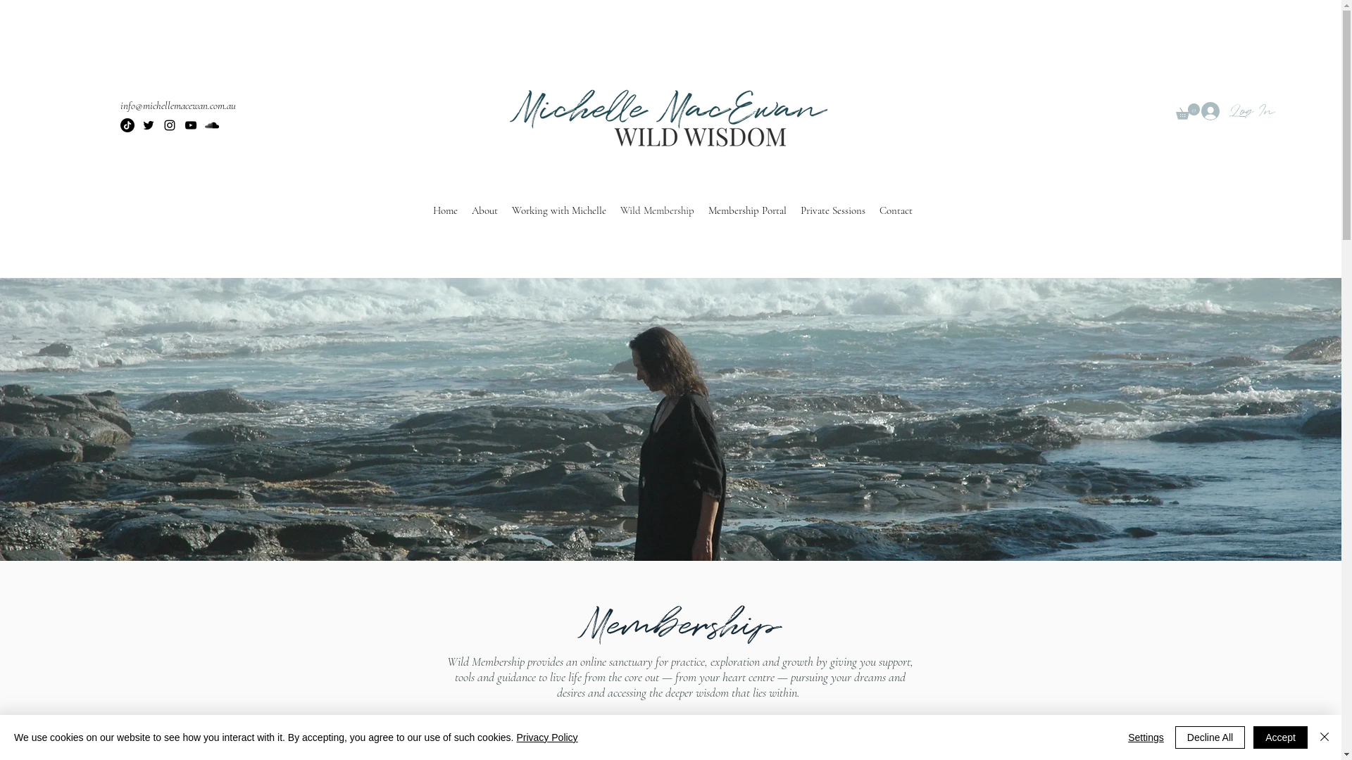 This screenshot has width=1352, height=760. Describe the element at coordinates (895, 210) in the screenshot. I see `'Contact'` at that location.